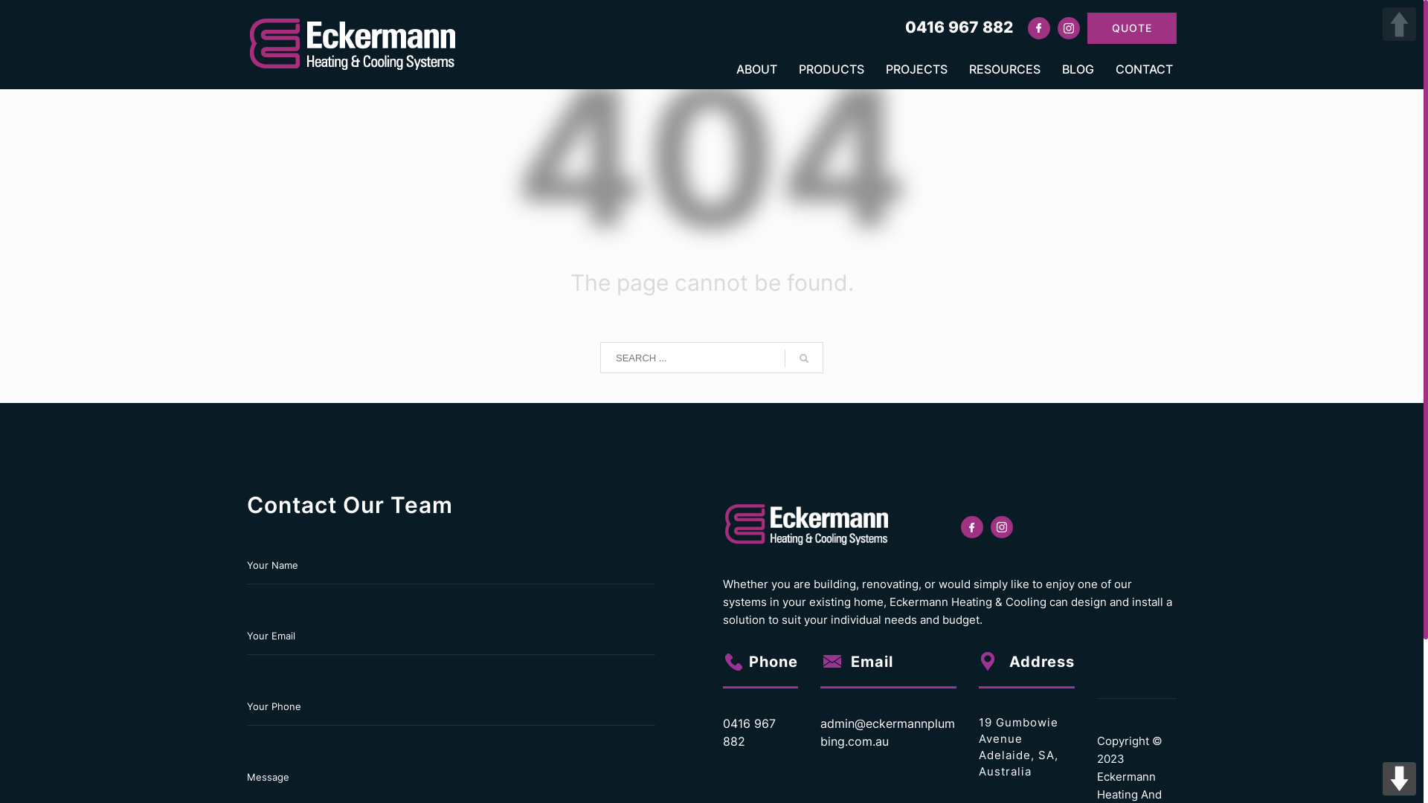  I want to click on 'PRODUCTS', so click(831, 68).